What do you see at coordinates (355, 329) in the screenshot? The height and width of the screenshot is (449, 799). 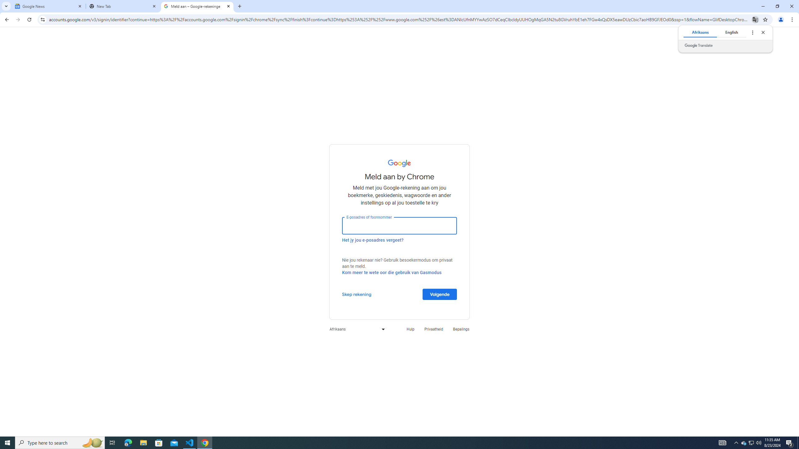 I see `'Afrikaans'` at bounding box center [355, 329].